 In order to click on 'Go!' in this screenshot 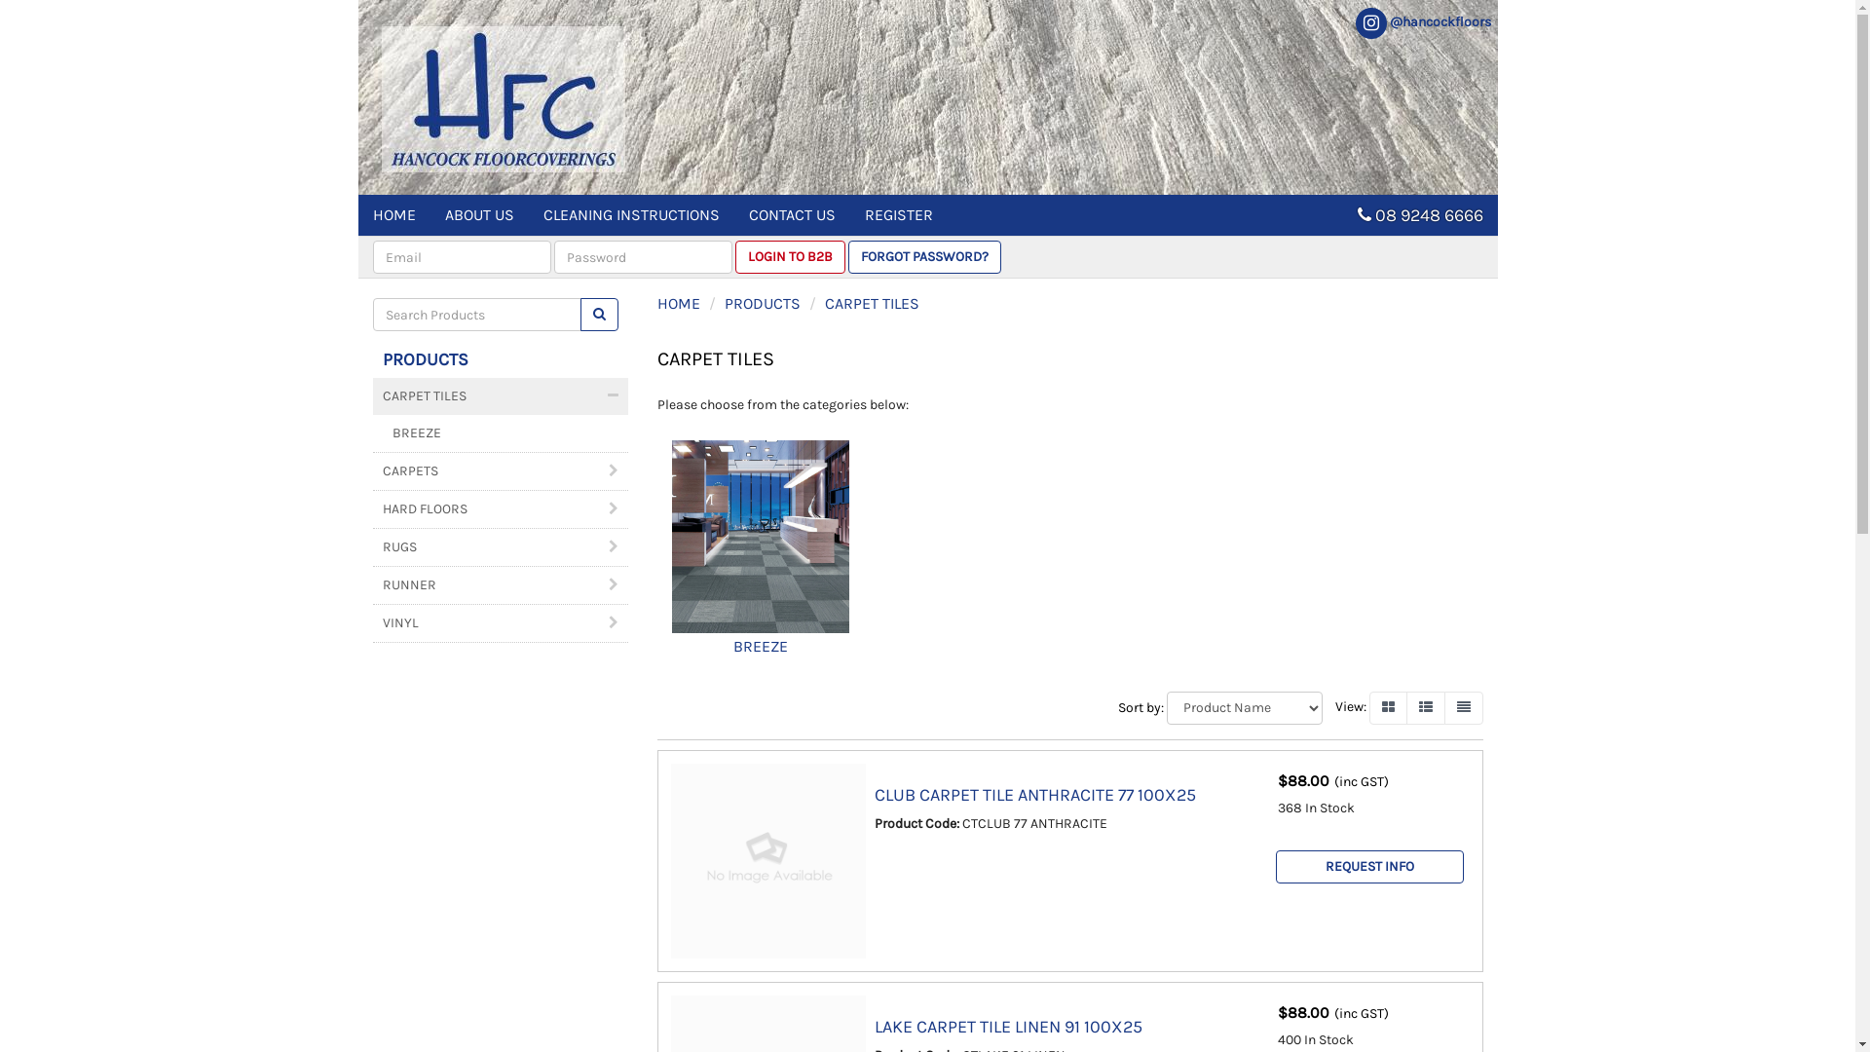, I will do `click(579, 314)`.